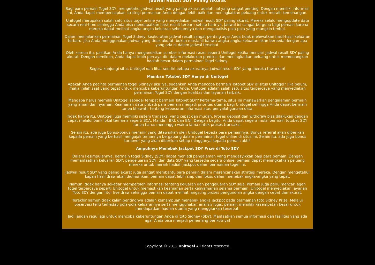 This screenshot has height=265, width=375. What do you see at coordinates (187, 188) in the screenshot?
I see `'Namun, tidak hanya sekedar memperoleh informasi tentang keluaran dan pengeluaran SDY saja. Pemain juga perlu mencari agen togel terpercaya seperti Unitogel untuk memastikan keamanan serta kenyamanan selama bermain. Unitogel menyediakan layanan Toto SDY dengan fitur live draw sehingga pemain dapat melihat langsung proses pengundian angka dengan cepat dan akurat.'` at bounding box center [187, 188].